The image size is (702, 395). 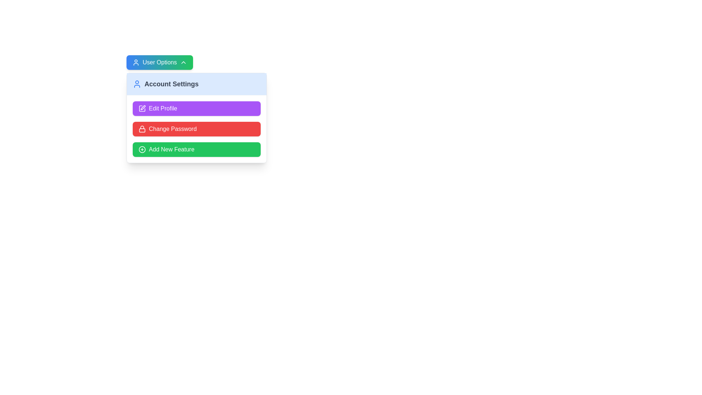 What do you see at coordinates (197, 117) in the screenshot?
I see `any button within the user settings dropdown menu located below the 'User Options' button` at bounding box center [197, 117].